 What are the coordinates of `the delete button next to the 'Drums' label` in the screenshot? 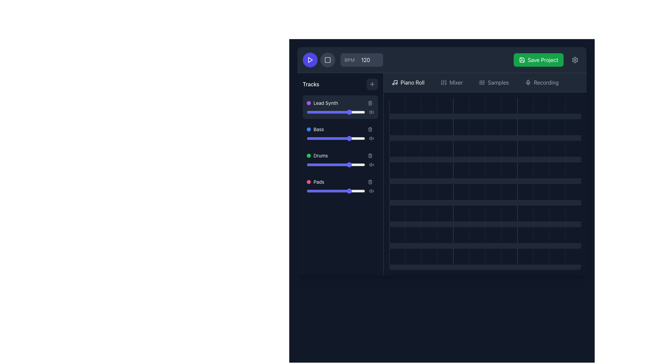 It's located at (370, 156).